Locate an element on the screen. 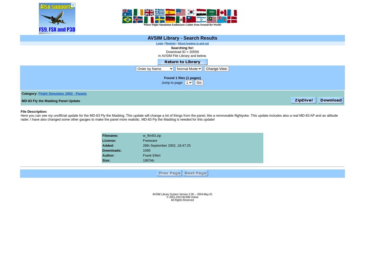 Image resolution: width=365 pixels, height=261 pixels. 'Frank Elfert' is located at coordinates (151, 155).